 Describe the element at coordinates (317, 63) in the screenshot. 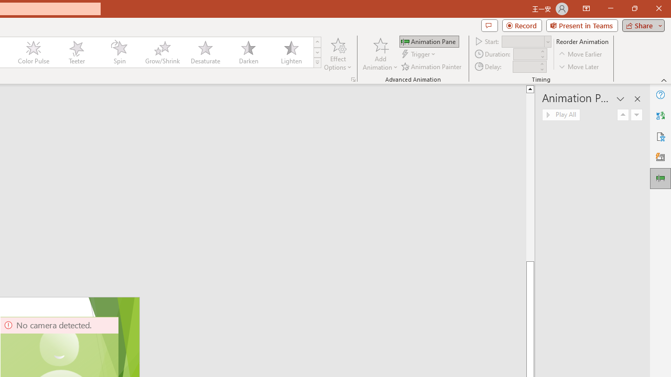

I see `'Animation Styles'` at that location.